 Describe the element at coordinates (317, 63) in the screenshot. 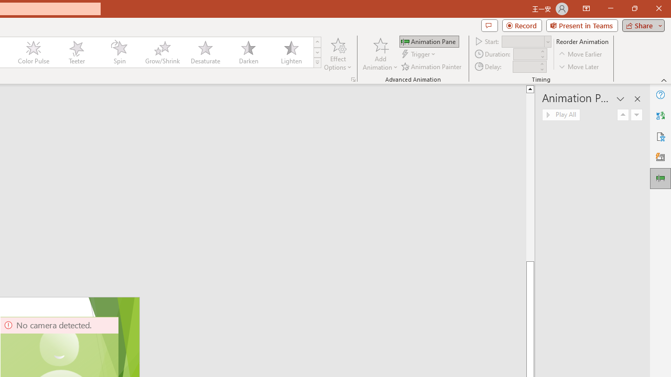

I see `'Animation Styles'` at that location.